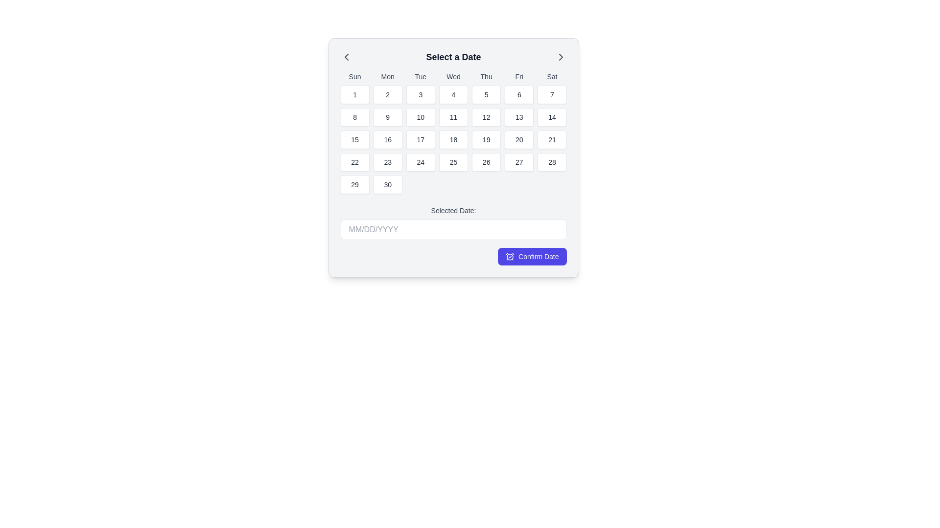 Image resolution: width=940 pixels, height=528 pixels. I want to click on the clock icon with a checkmark overlay, which is located within the 'Confirm Date' button that has a blue background, so click(509, 256).